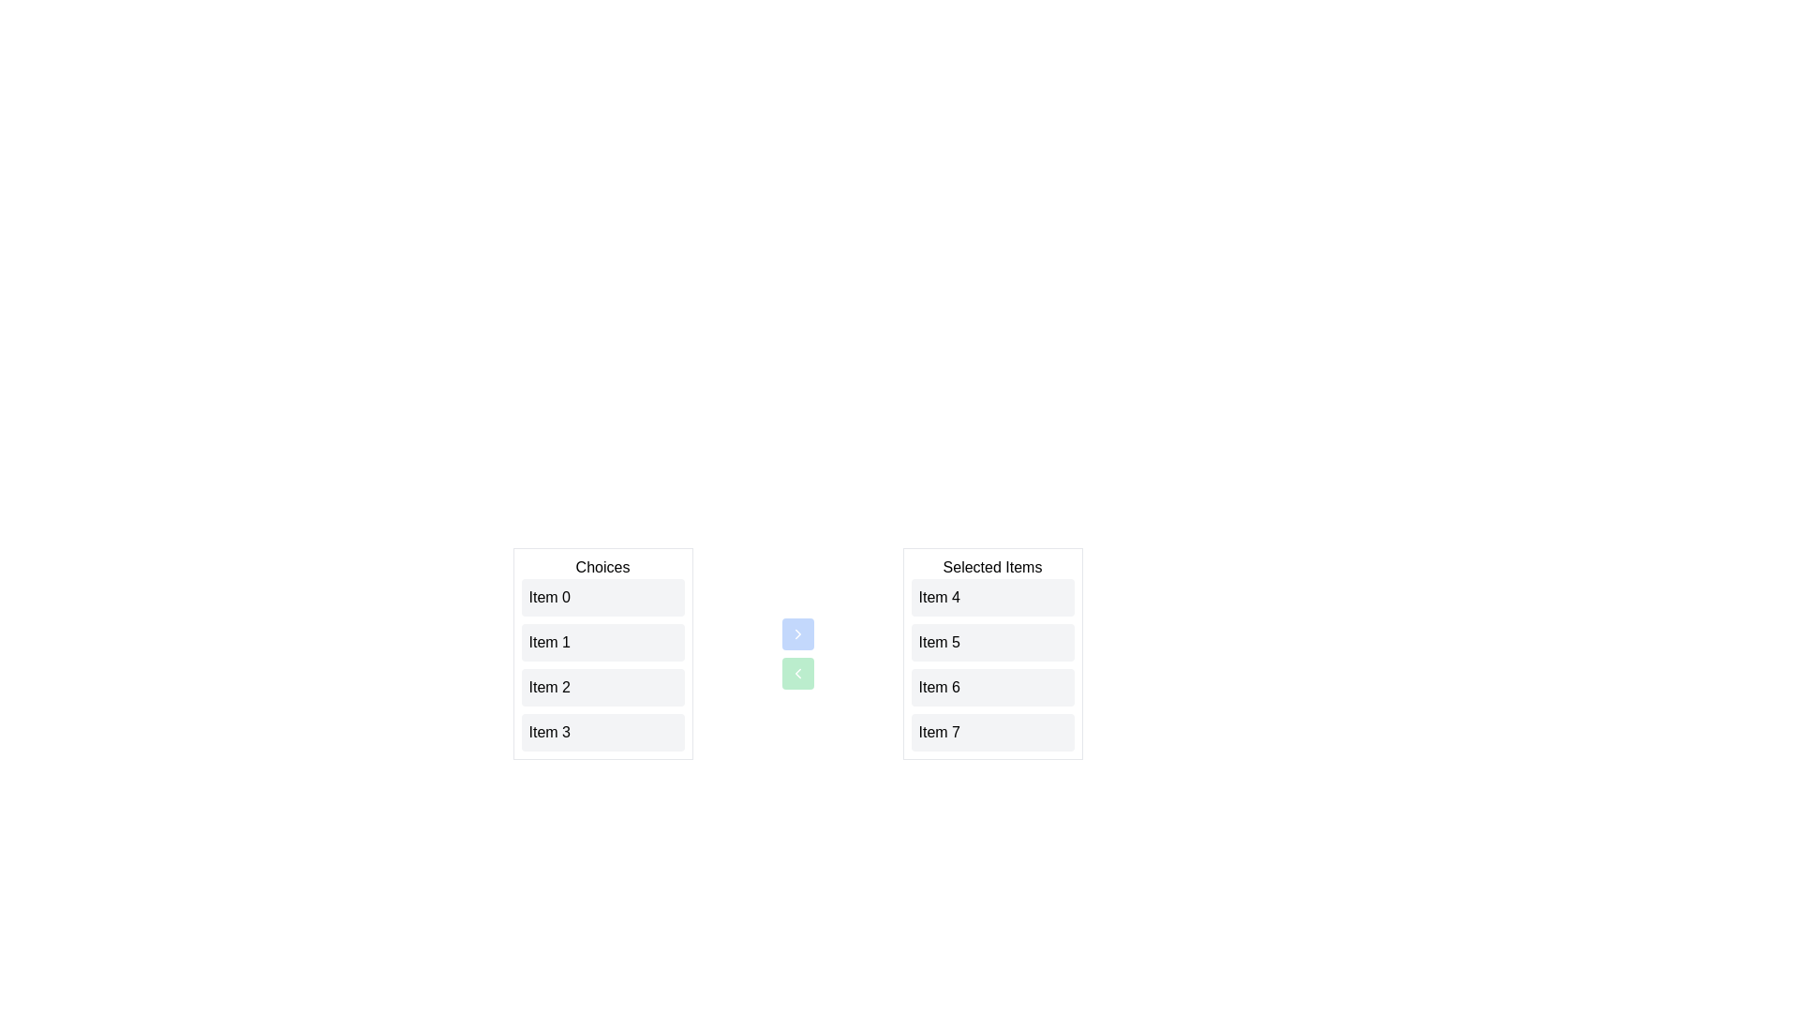 The image size is (1799, 1012). Describe the element at coordinates (602, 597) in the screenshot. I see `the first item in the list labeled 'Item 0'` at that location.